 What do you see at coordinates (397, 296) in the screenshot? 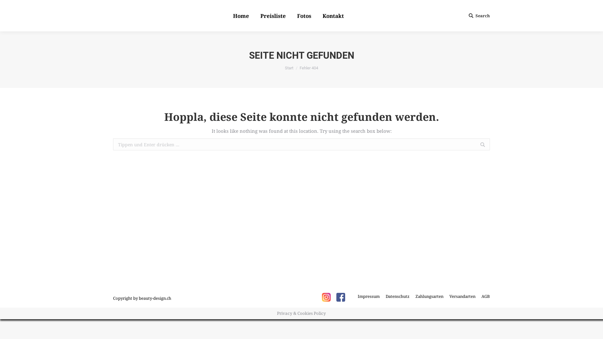
I see `'Datenschutz'` at bounding box center [397, 296].